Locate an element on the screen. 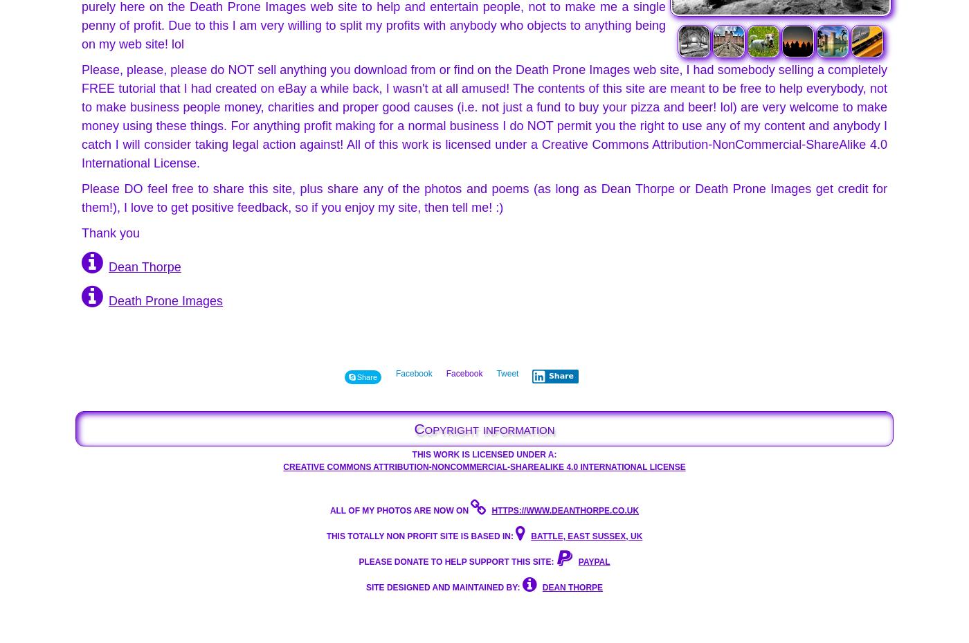 This screenshot has width=969, height=643. 'Creative Commons Attribution-NonCommercial-ShareAlike 4.0 International License' is located at coordinates (484, 467).